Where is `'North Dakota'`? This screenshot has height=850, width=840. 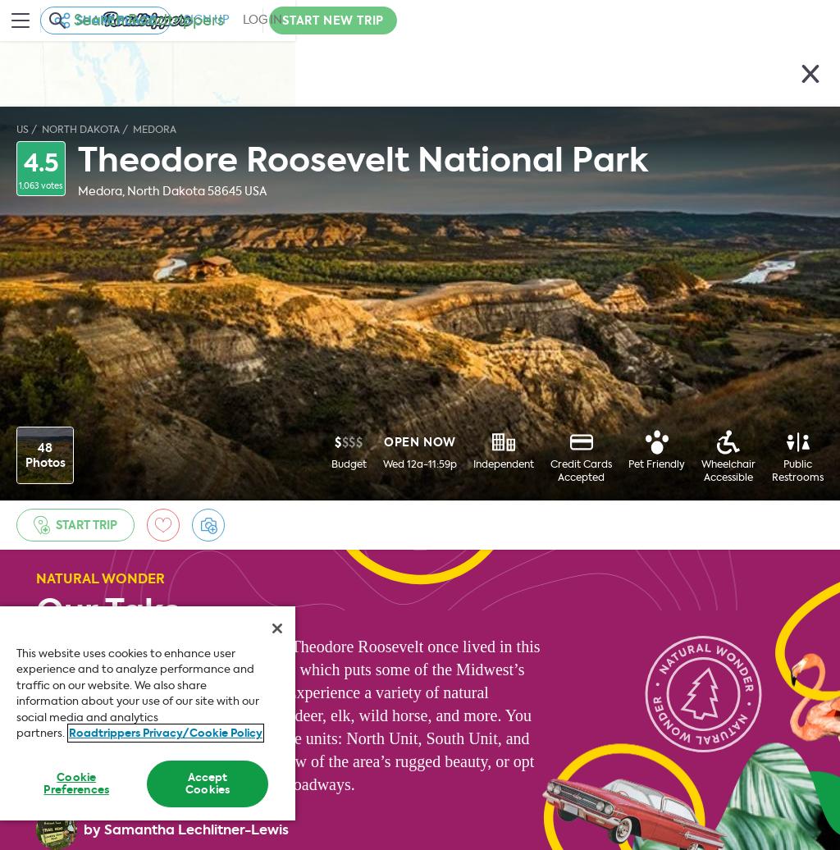
'North Dakota' is located at coordinates (80, 129).